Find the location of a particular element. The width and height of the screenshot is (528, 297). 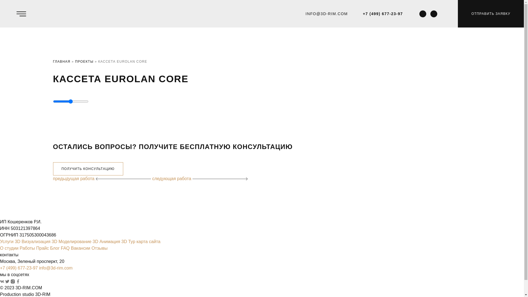

'FAQ' is located at coordinates (65, 248).